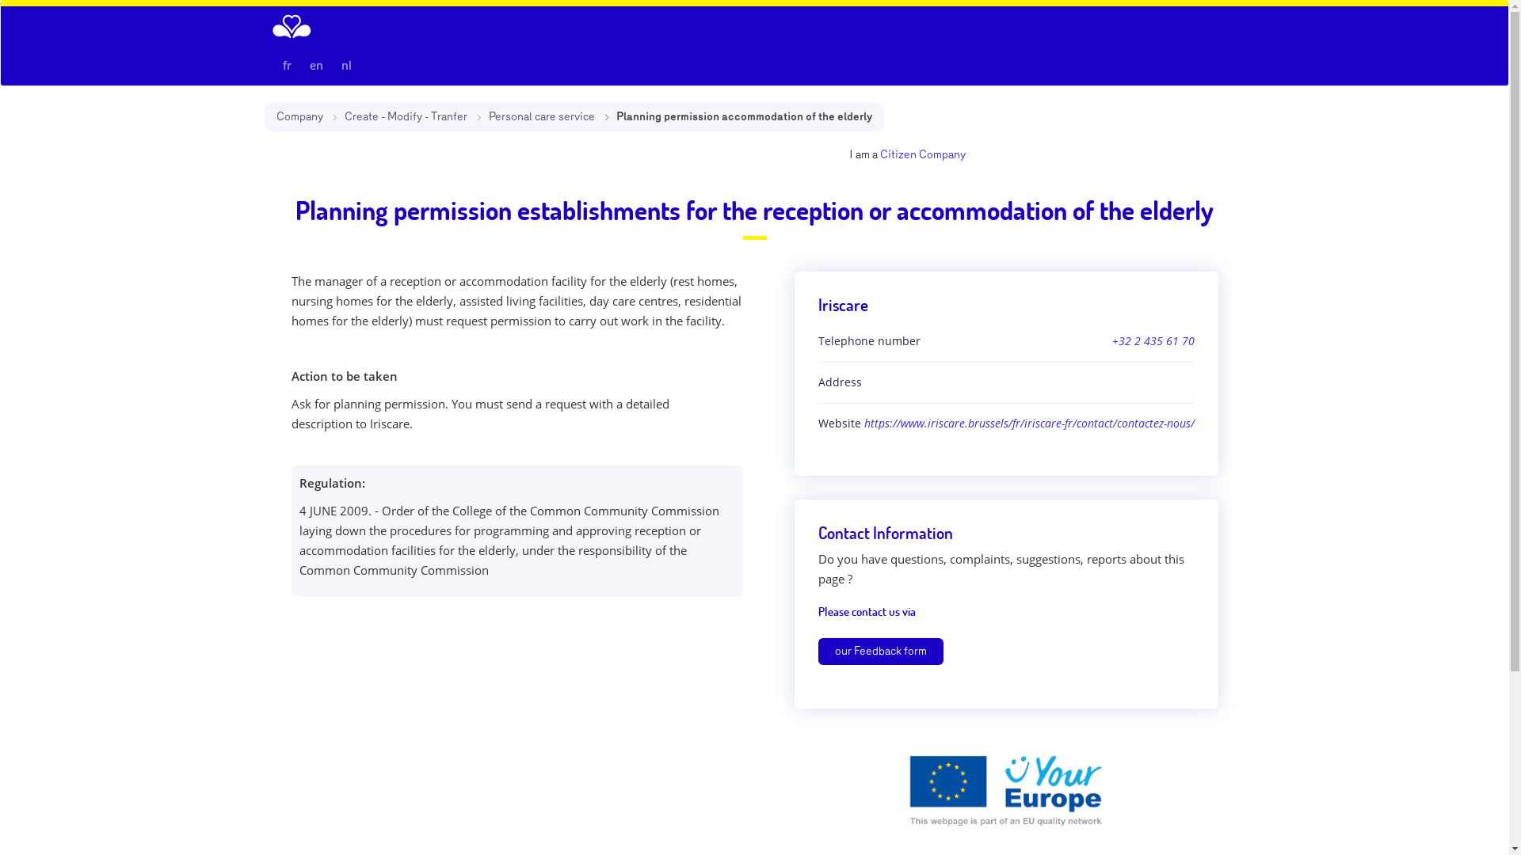 The width and height of the screenshot is (1521, 855). I want to click on 'Personal care service', so click(540, 116).